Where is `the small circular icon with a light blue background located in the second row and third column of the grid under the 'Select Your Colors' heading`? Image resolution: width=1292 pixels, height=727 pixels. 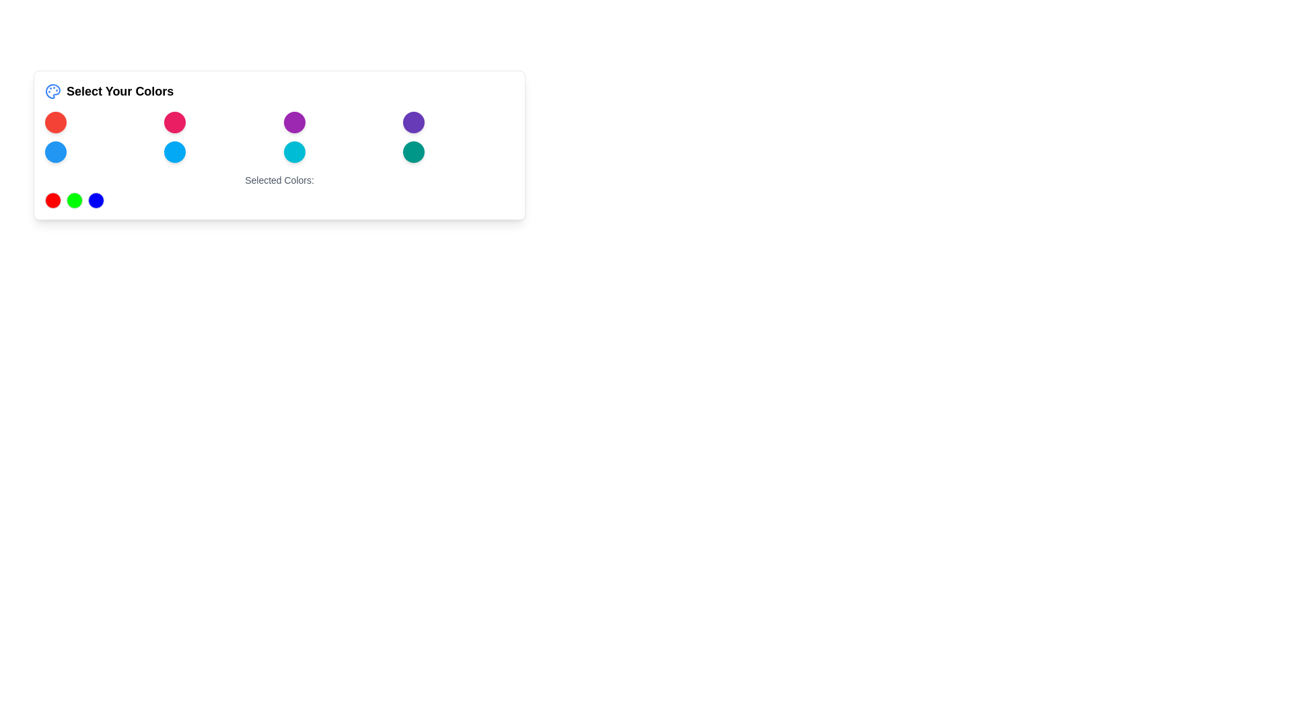
the small circular icon with a light blue background located in the second row and third column of the grid under the 'Select Your Colors' heading is located at coordinates (293, 151).